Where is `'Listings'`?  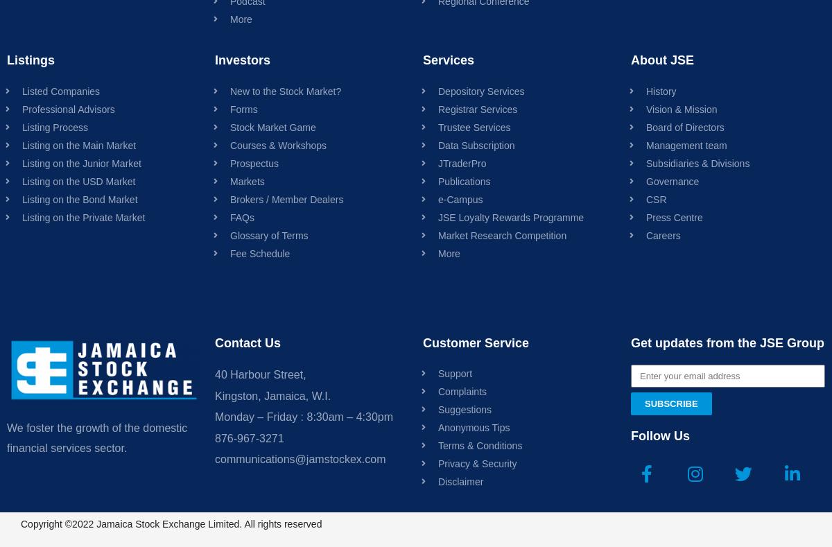
'Listings' is located at coordinates (31, 60).